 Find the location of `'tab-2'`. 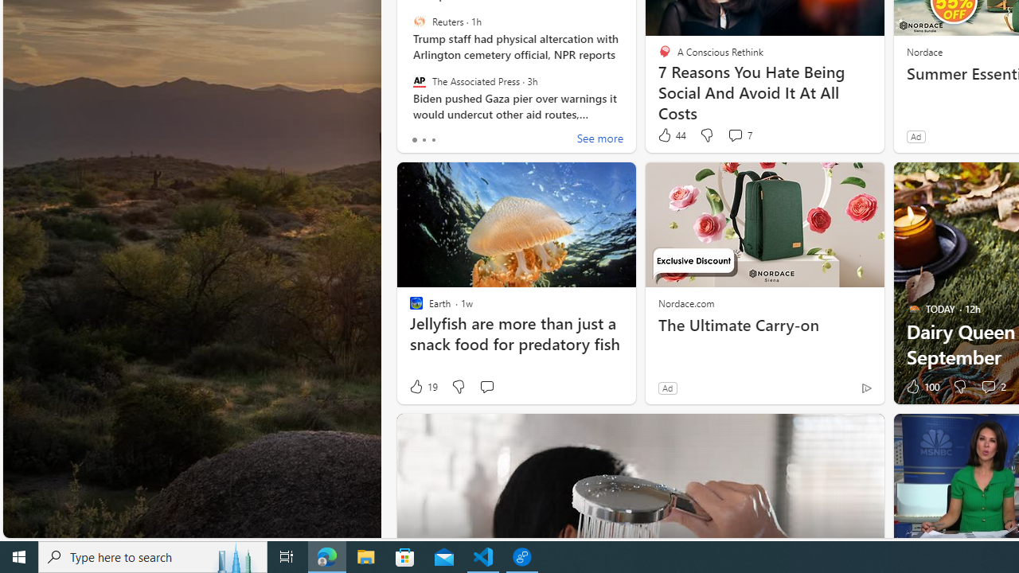

'tab-2' is located at coordinates (433, 139).